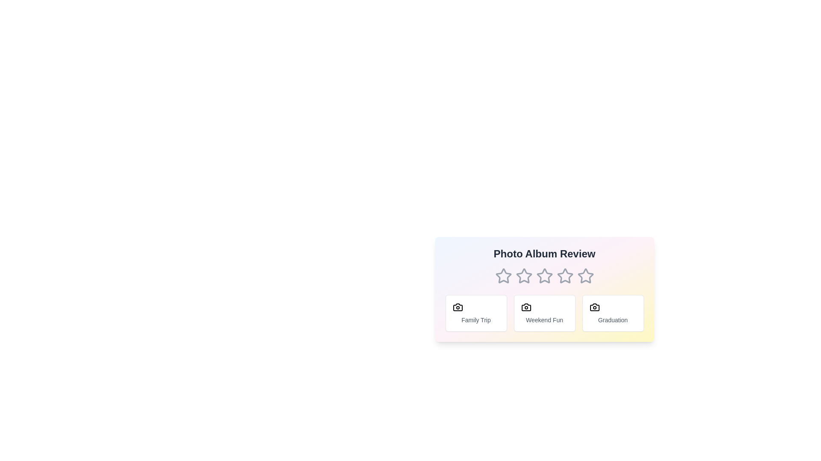 This screenshot has height=461, width=821. Describe the element at coordinates (457, 307) in the screenshot. I see `the camera icon associated with the tag Family Trip` at that location.